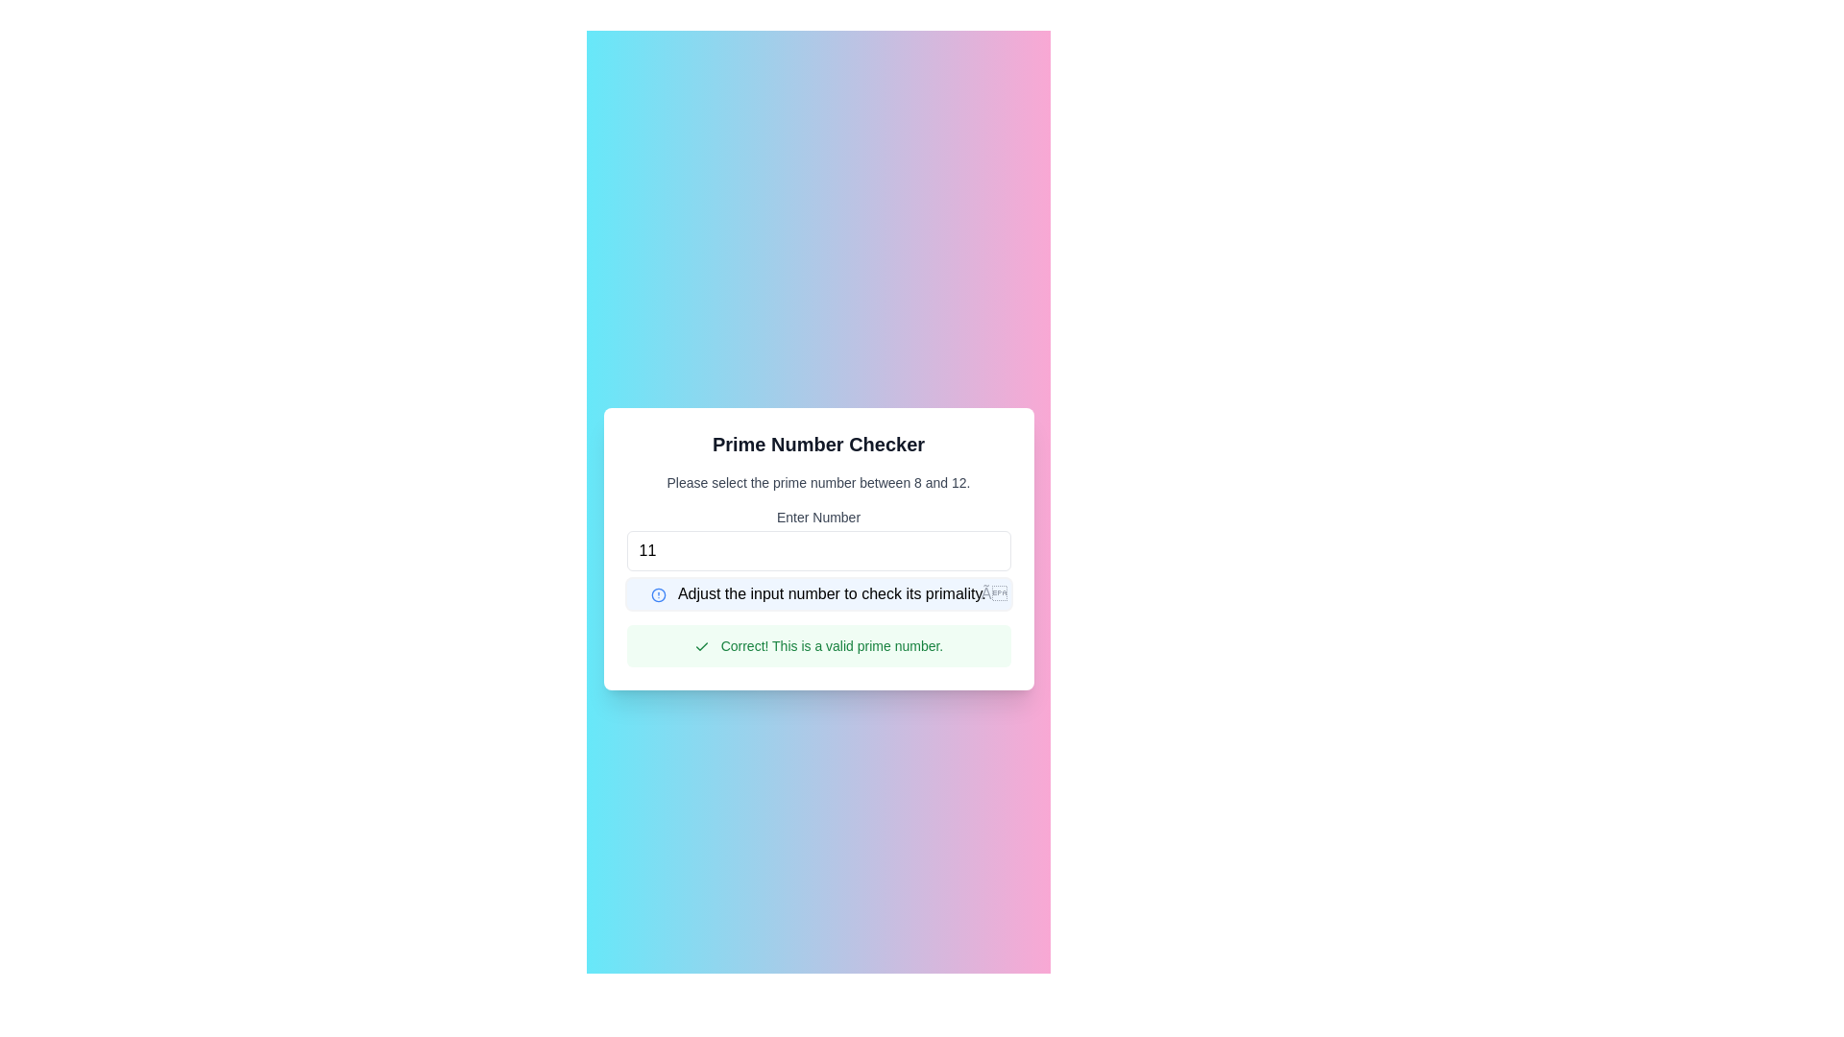 The image size is (1844, 1037). Describe the element at coordinates (818, 517) in the screenshot. I see `the descriptive Text Label located above the number input field, which guides users on the information to provide` at that location.